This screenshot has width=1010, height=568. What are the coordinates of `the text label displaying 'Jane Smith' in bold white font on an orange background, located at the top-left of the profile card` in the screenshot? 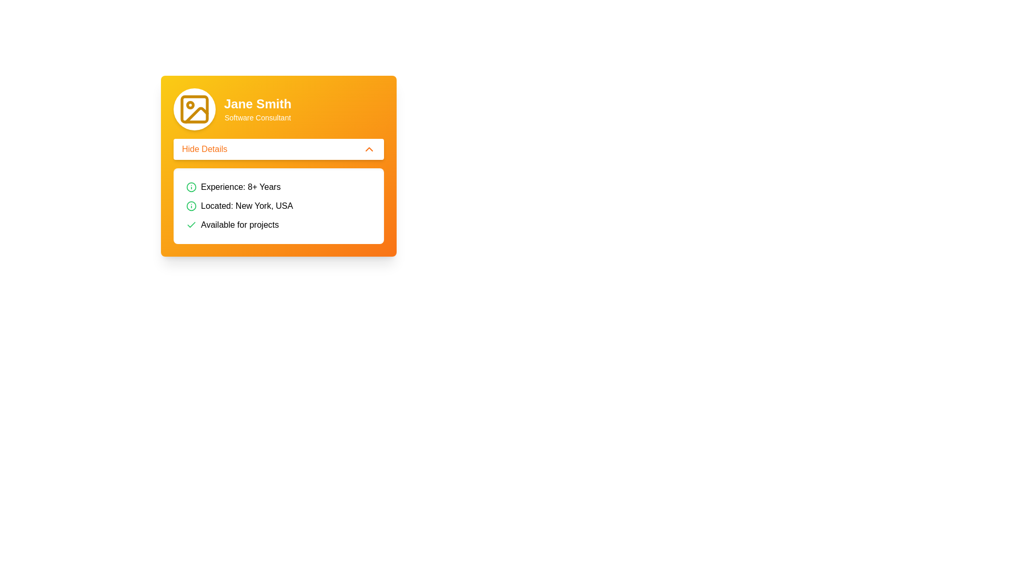 It's located at (257, 104).